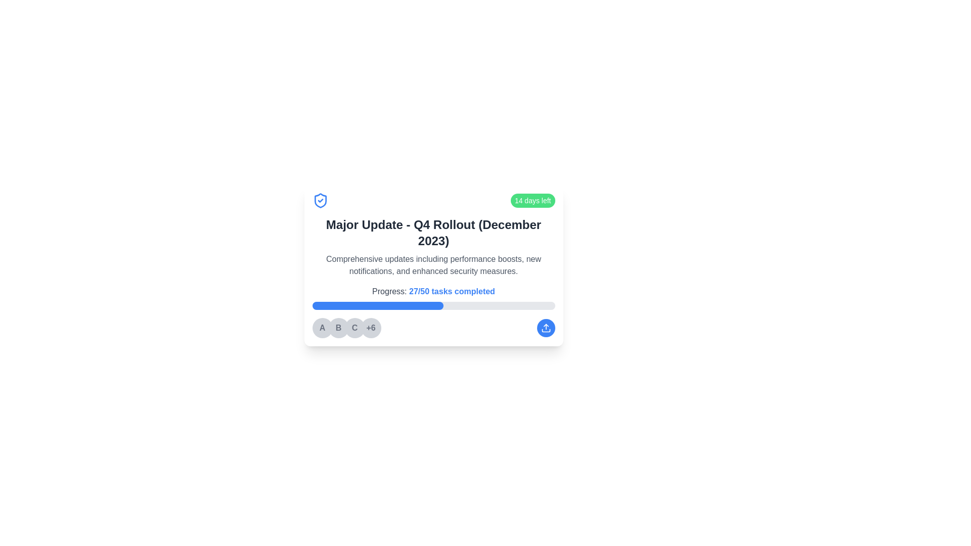  Describe the element at coordinates (377, 305) in the screenshot. I see `the progress bar that visually indicates the completion of a task, which occupies around 54% of the total length of the larger horizontal progress bar` at that location.